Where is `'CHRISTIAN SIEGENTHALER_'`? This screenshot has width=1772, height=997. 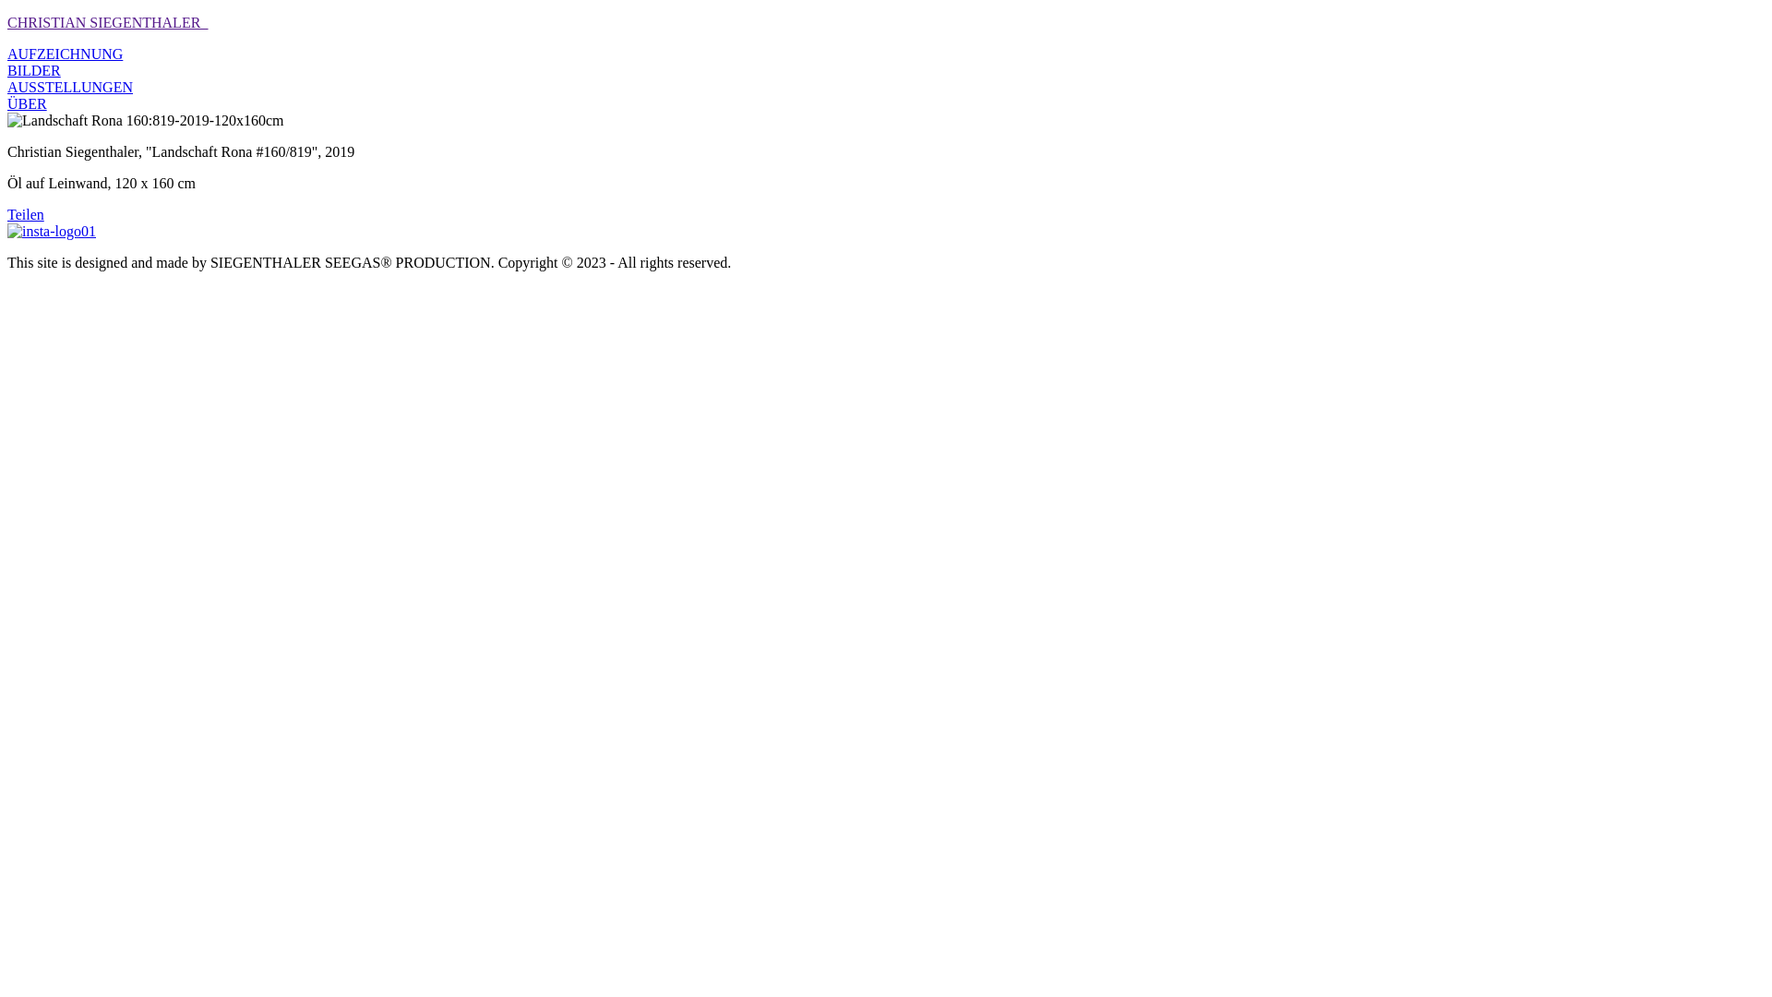
'CHRISTIAN SIEGENTHALER_' is located at coordinates (106, 22).